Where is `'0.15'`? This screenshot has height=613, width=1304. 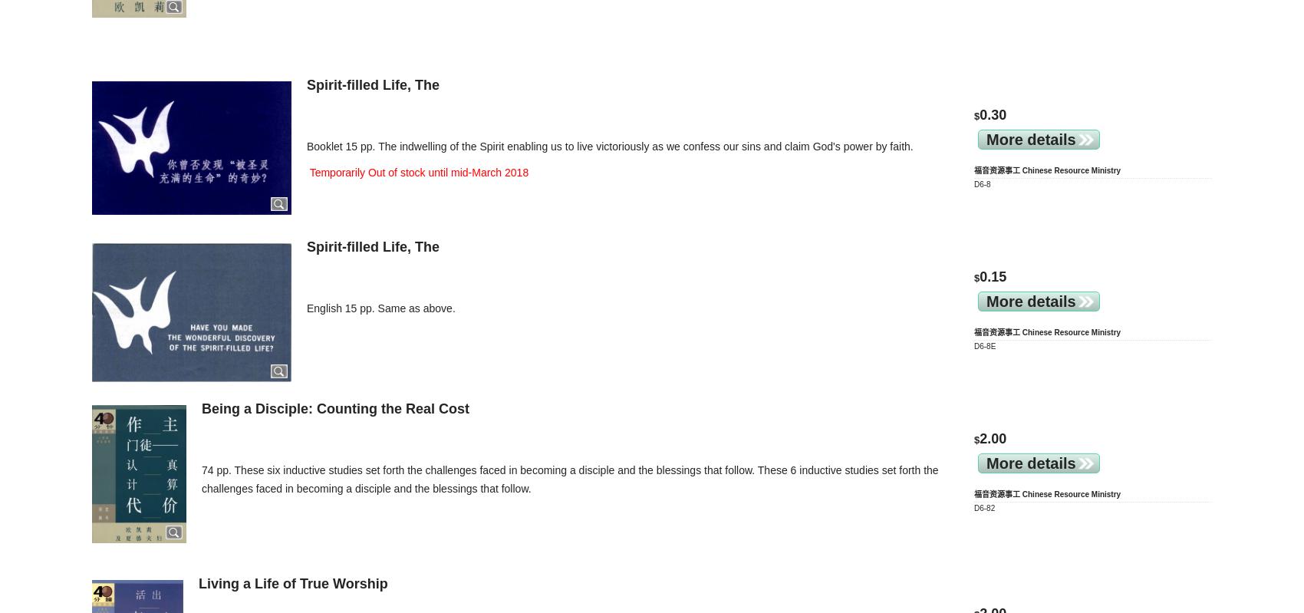
'0.15' is located at coordinates (993, 275).